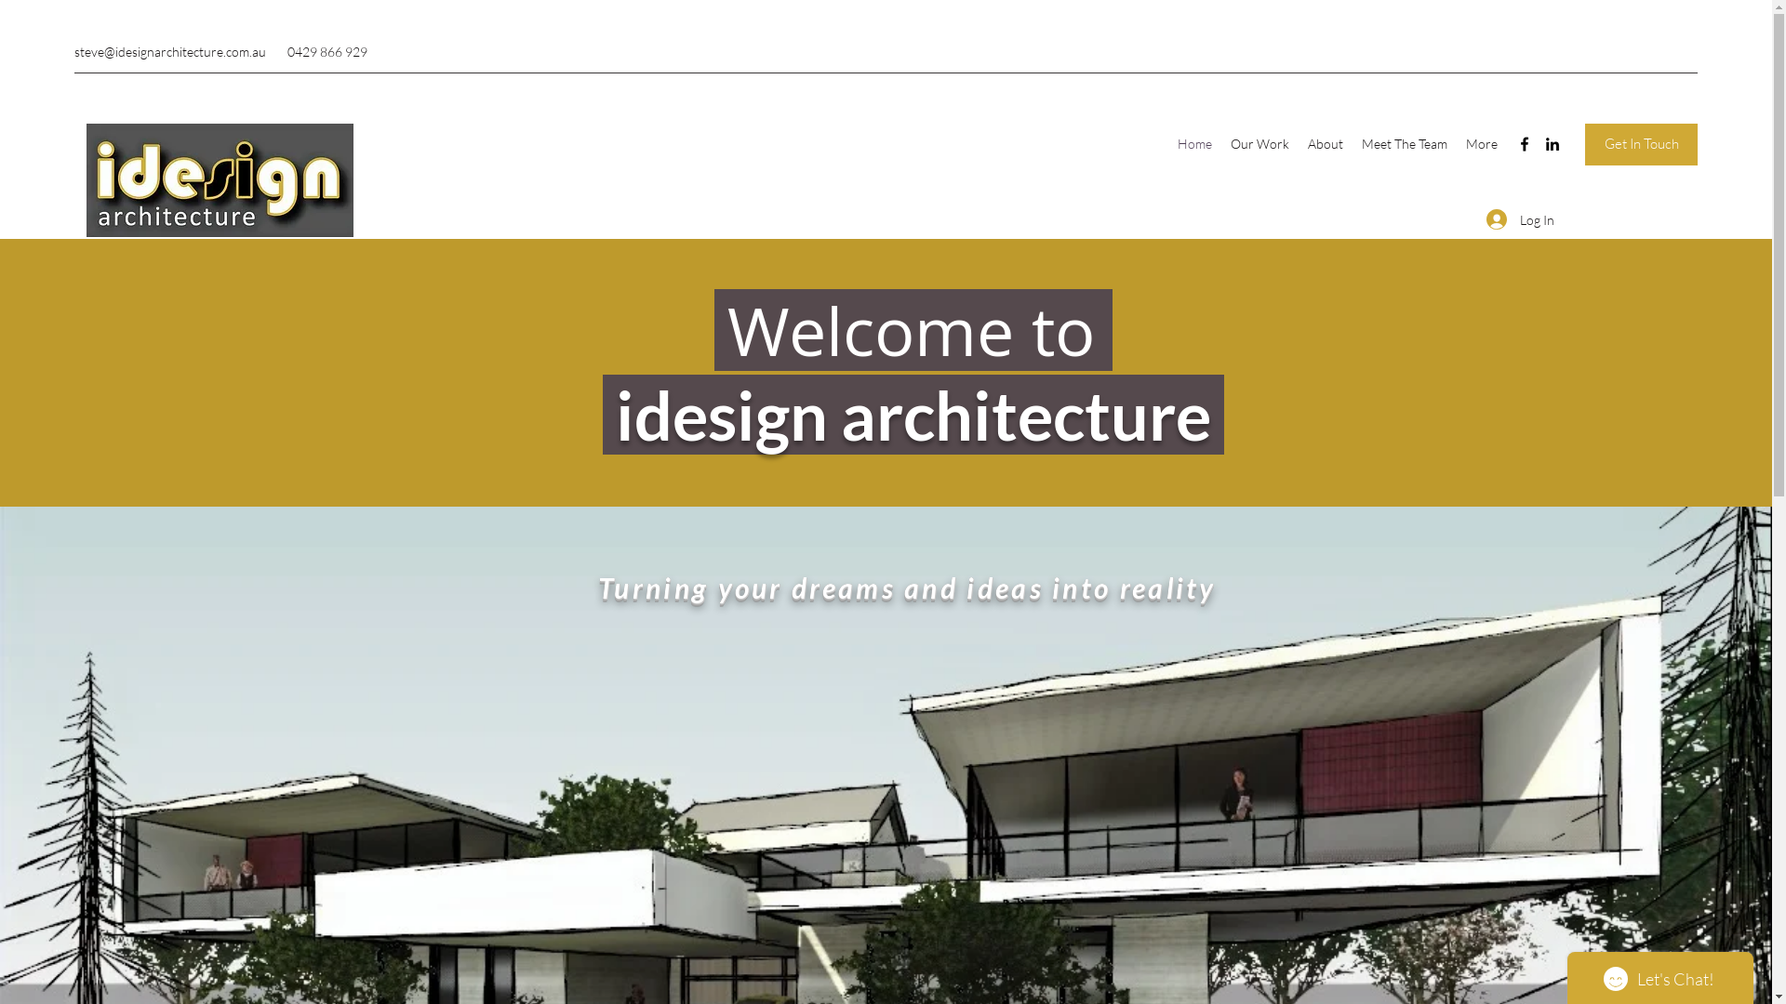 This screenshot has width=1786, height=1004. I want to click on 'steve@idesignarchitecture.com.au', so click(74, 50).